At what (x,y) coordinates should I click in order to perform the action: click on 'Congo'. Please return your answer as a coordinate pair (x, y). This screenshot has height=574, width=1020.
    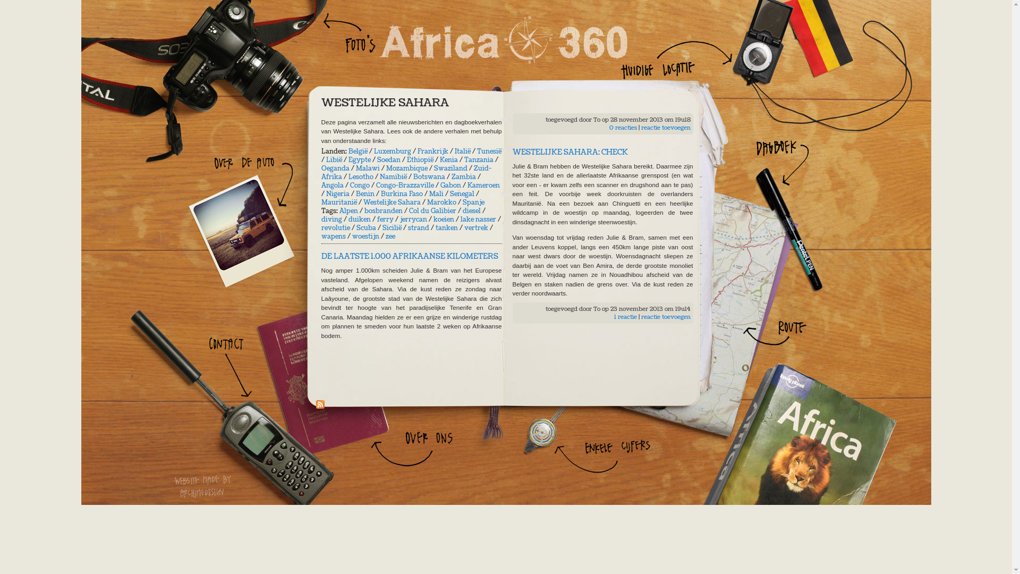
    Looking at the image, I should click on (359, 184).